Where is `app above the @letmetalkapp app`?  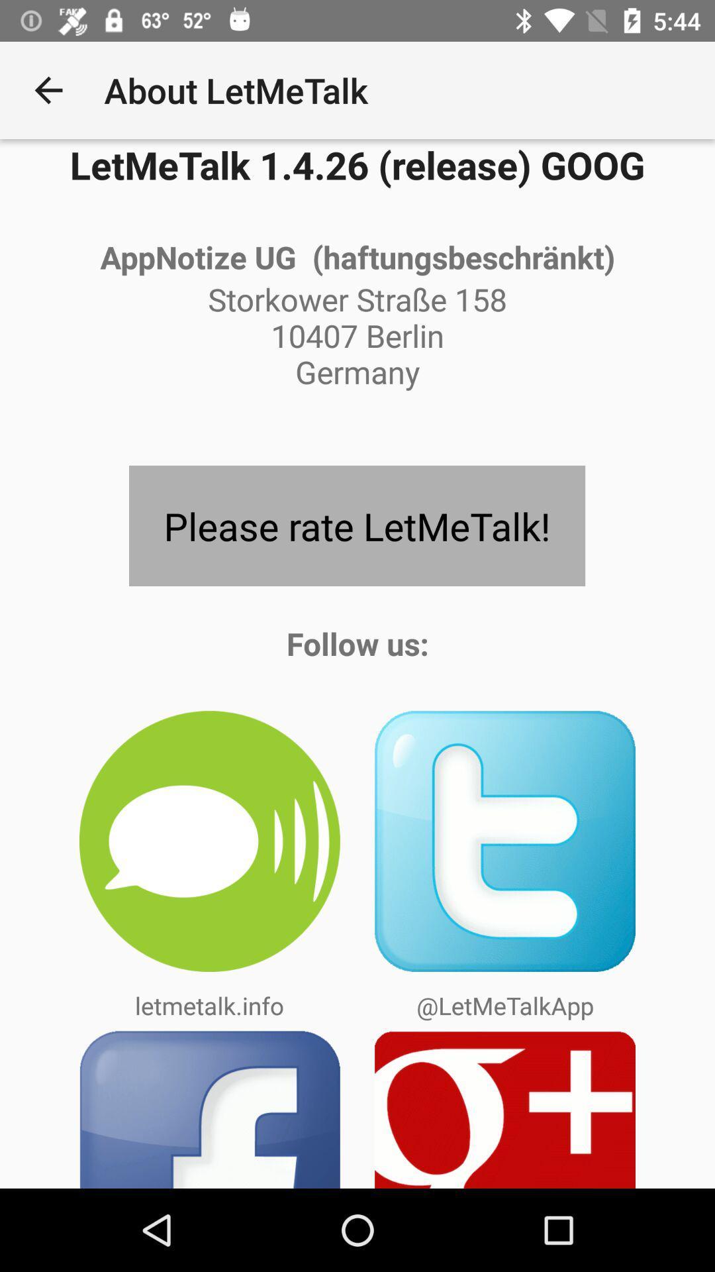 app above the @letmetalkapp app is located at coordinates (505, 841).